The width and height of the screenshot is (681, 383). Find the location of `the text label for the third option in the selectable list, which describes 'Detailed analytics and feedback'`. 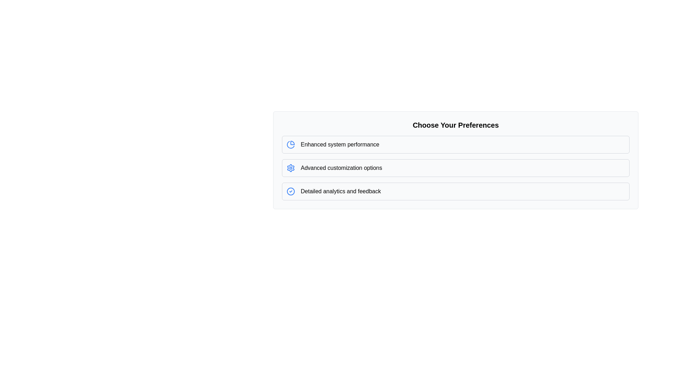

the text label for the third option in the selectable list, which describes 'Detailed analytics and feedback' is located at coordinates (340, 191).